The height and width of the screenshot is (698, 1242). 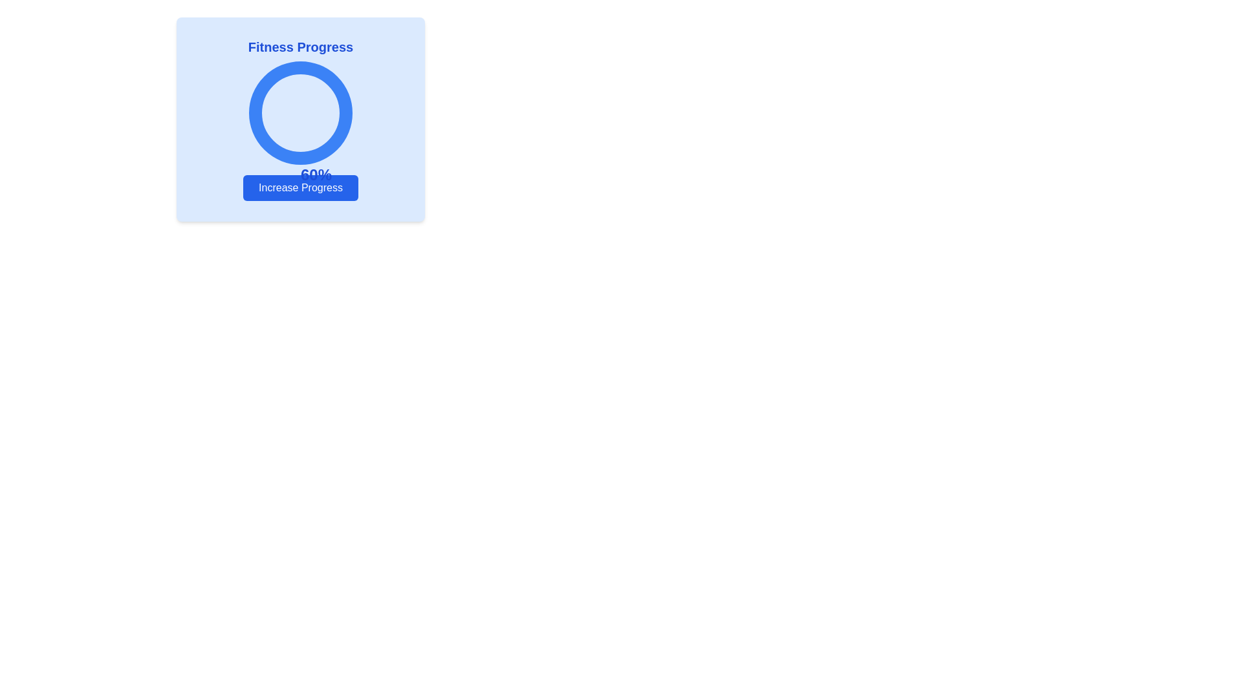 What do you see at coordinates (300, 112) in the screenshot?
I see `the progress represented by the Circular progress indicator, which visually shows a percentage likely related to 'Fitness Progress'` at bounding box center [300, 112].